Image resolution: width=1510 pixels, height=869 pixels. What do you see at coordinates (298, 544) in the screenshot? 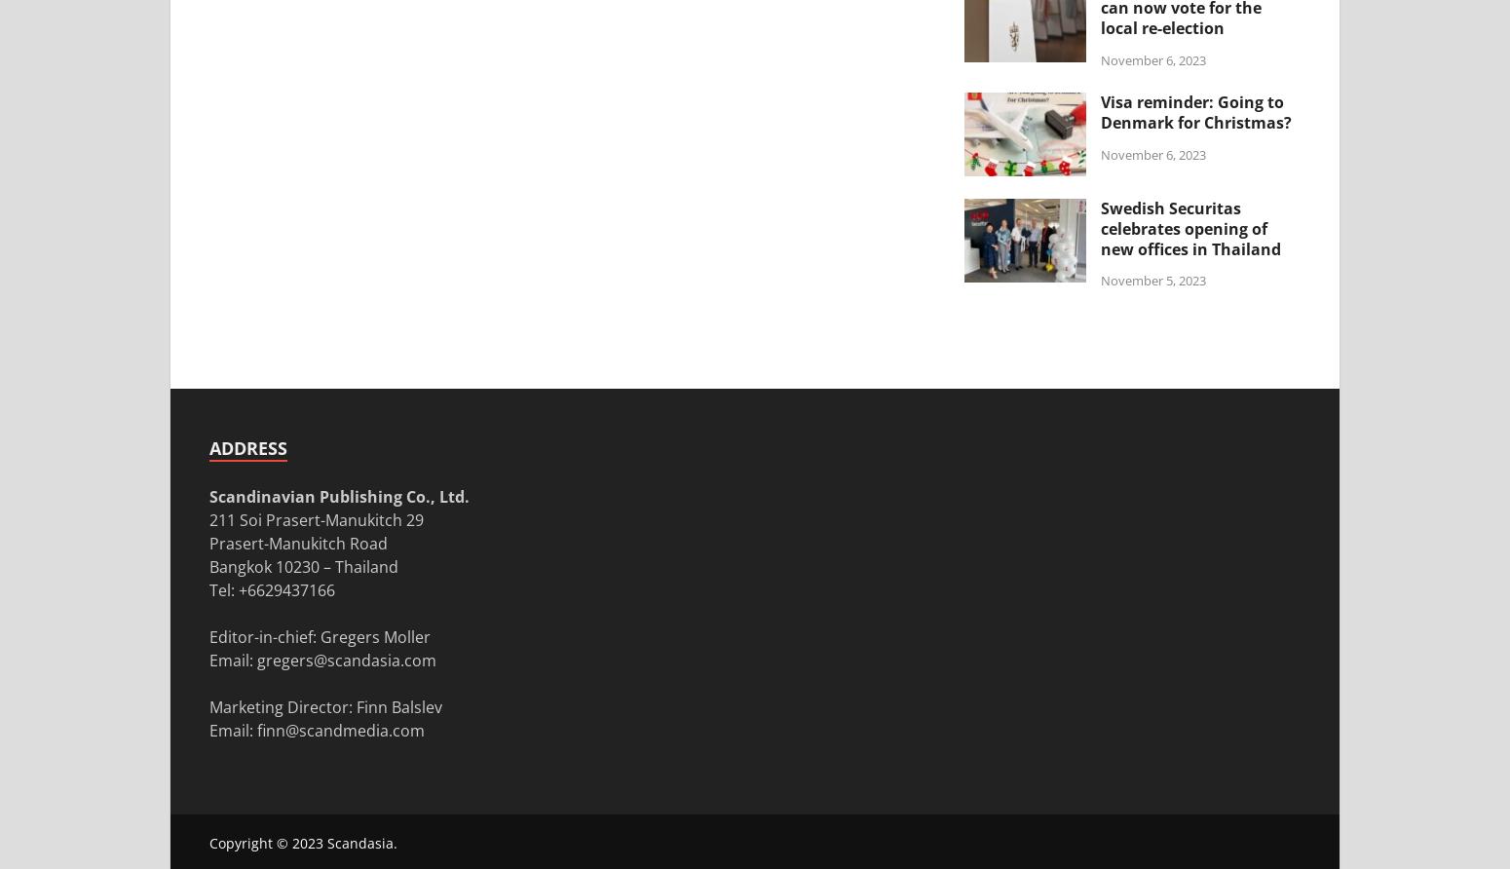
I see `'Prasert-Manukitch Road'` at bounding box center [298, 544].